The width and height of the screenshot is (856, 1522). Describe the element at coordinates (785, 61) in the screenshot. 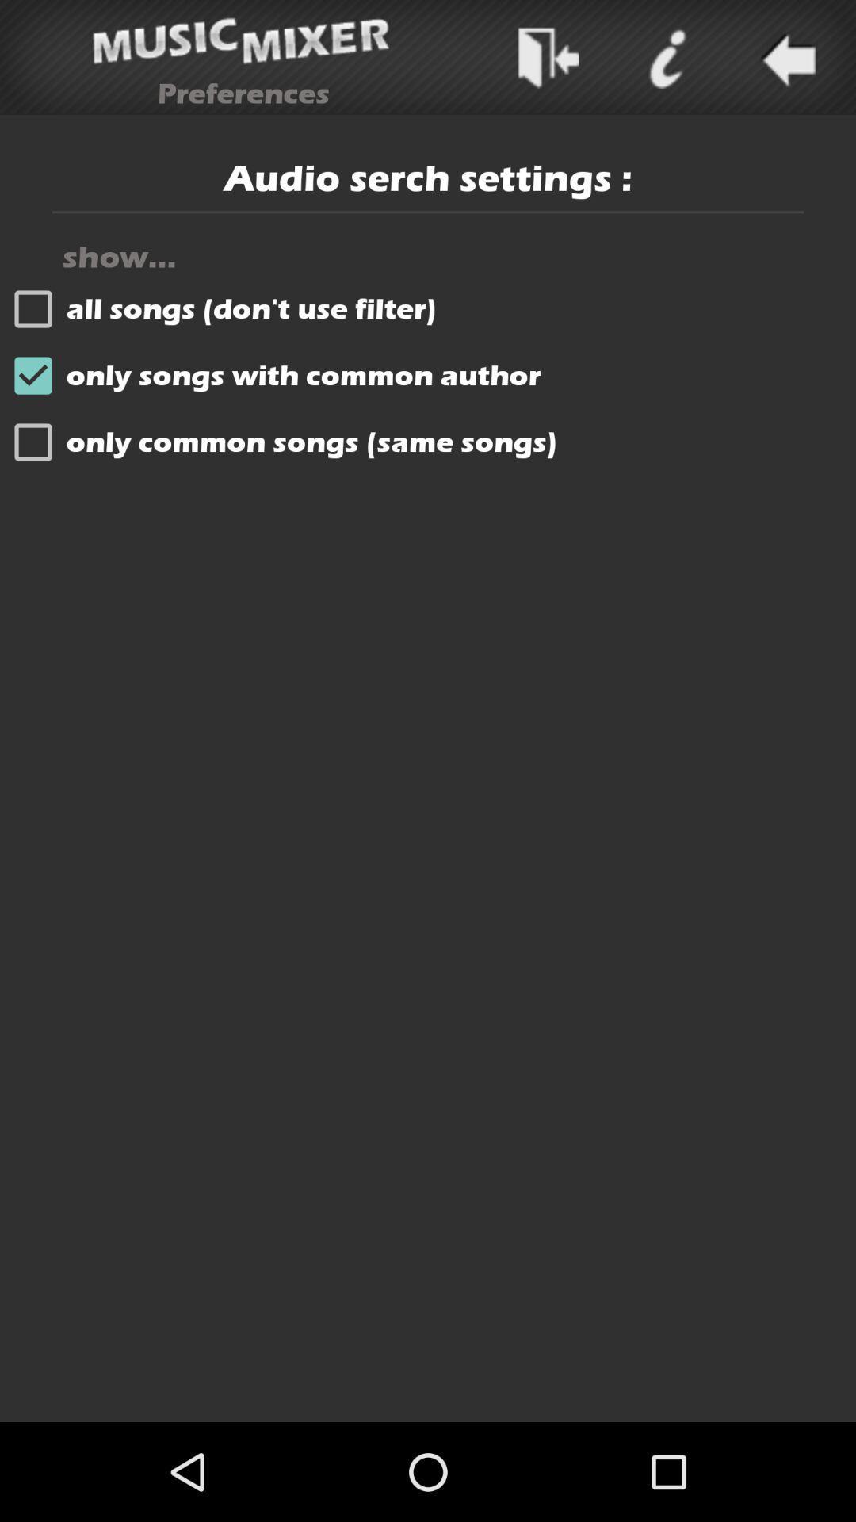

I see `the arrow_backward icon` at that location.